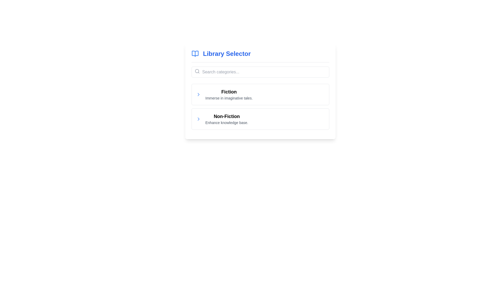  I want to click on the navigational indicator icon for the 'Fiction' category, which is located to the left of the 'Fiction' category text in the list of categories, so click(198, 119).